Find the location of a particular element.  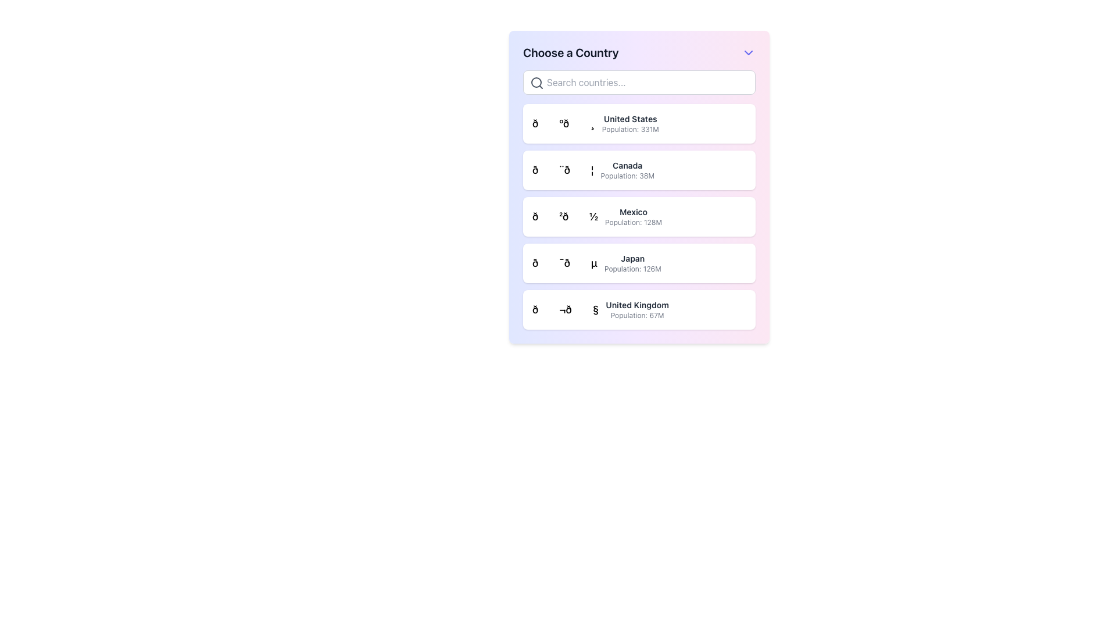

text label 'Canada' which is styled in bold, small size, and deep gray color, located in the second row of the country list above 'Population: 38M' is located at coordinates (627, 166).